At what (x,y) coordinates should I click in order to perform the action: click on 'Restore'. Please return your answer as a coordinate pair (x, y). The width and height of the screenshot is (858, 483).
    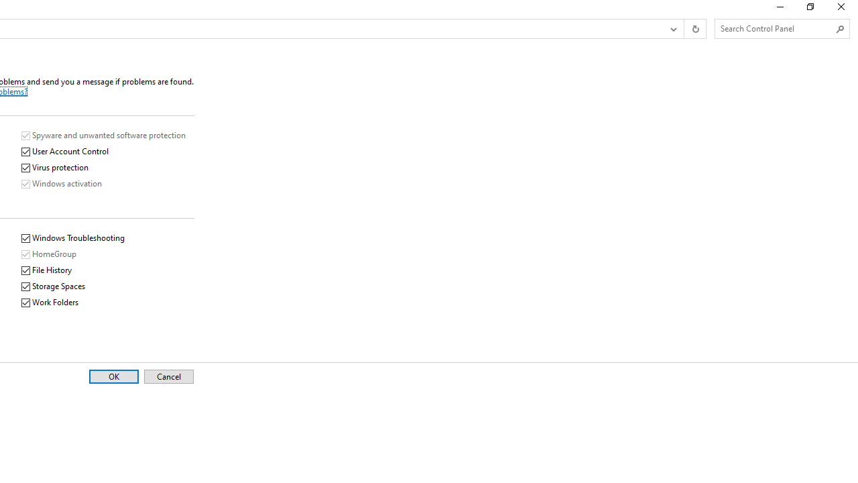
    Looking at the image, I should click on (809, 10).